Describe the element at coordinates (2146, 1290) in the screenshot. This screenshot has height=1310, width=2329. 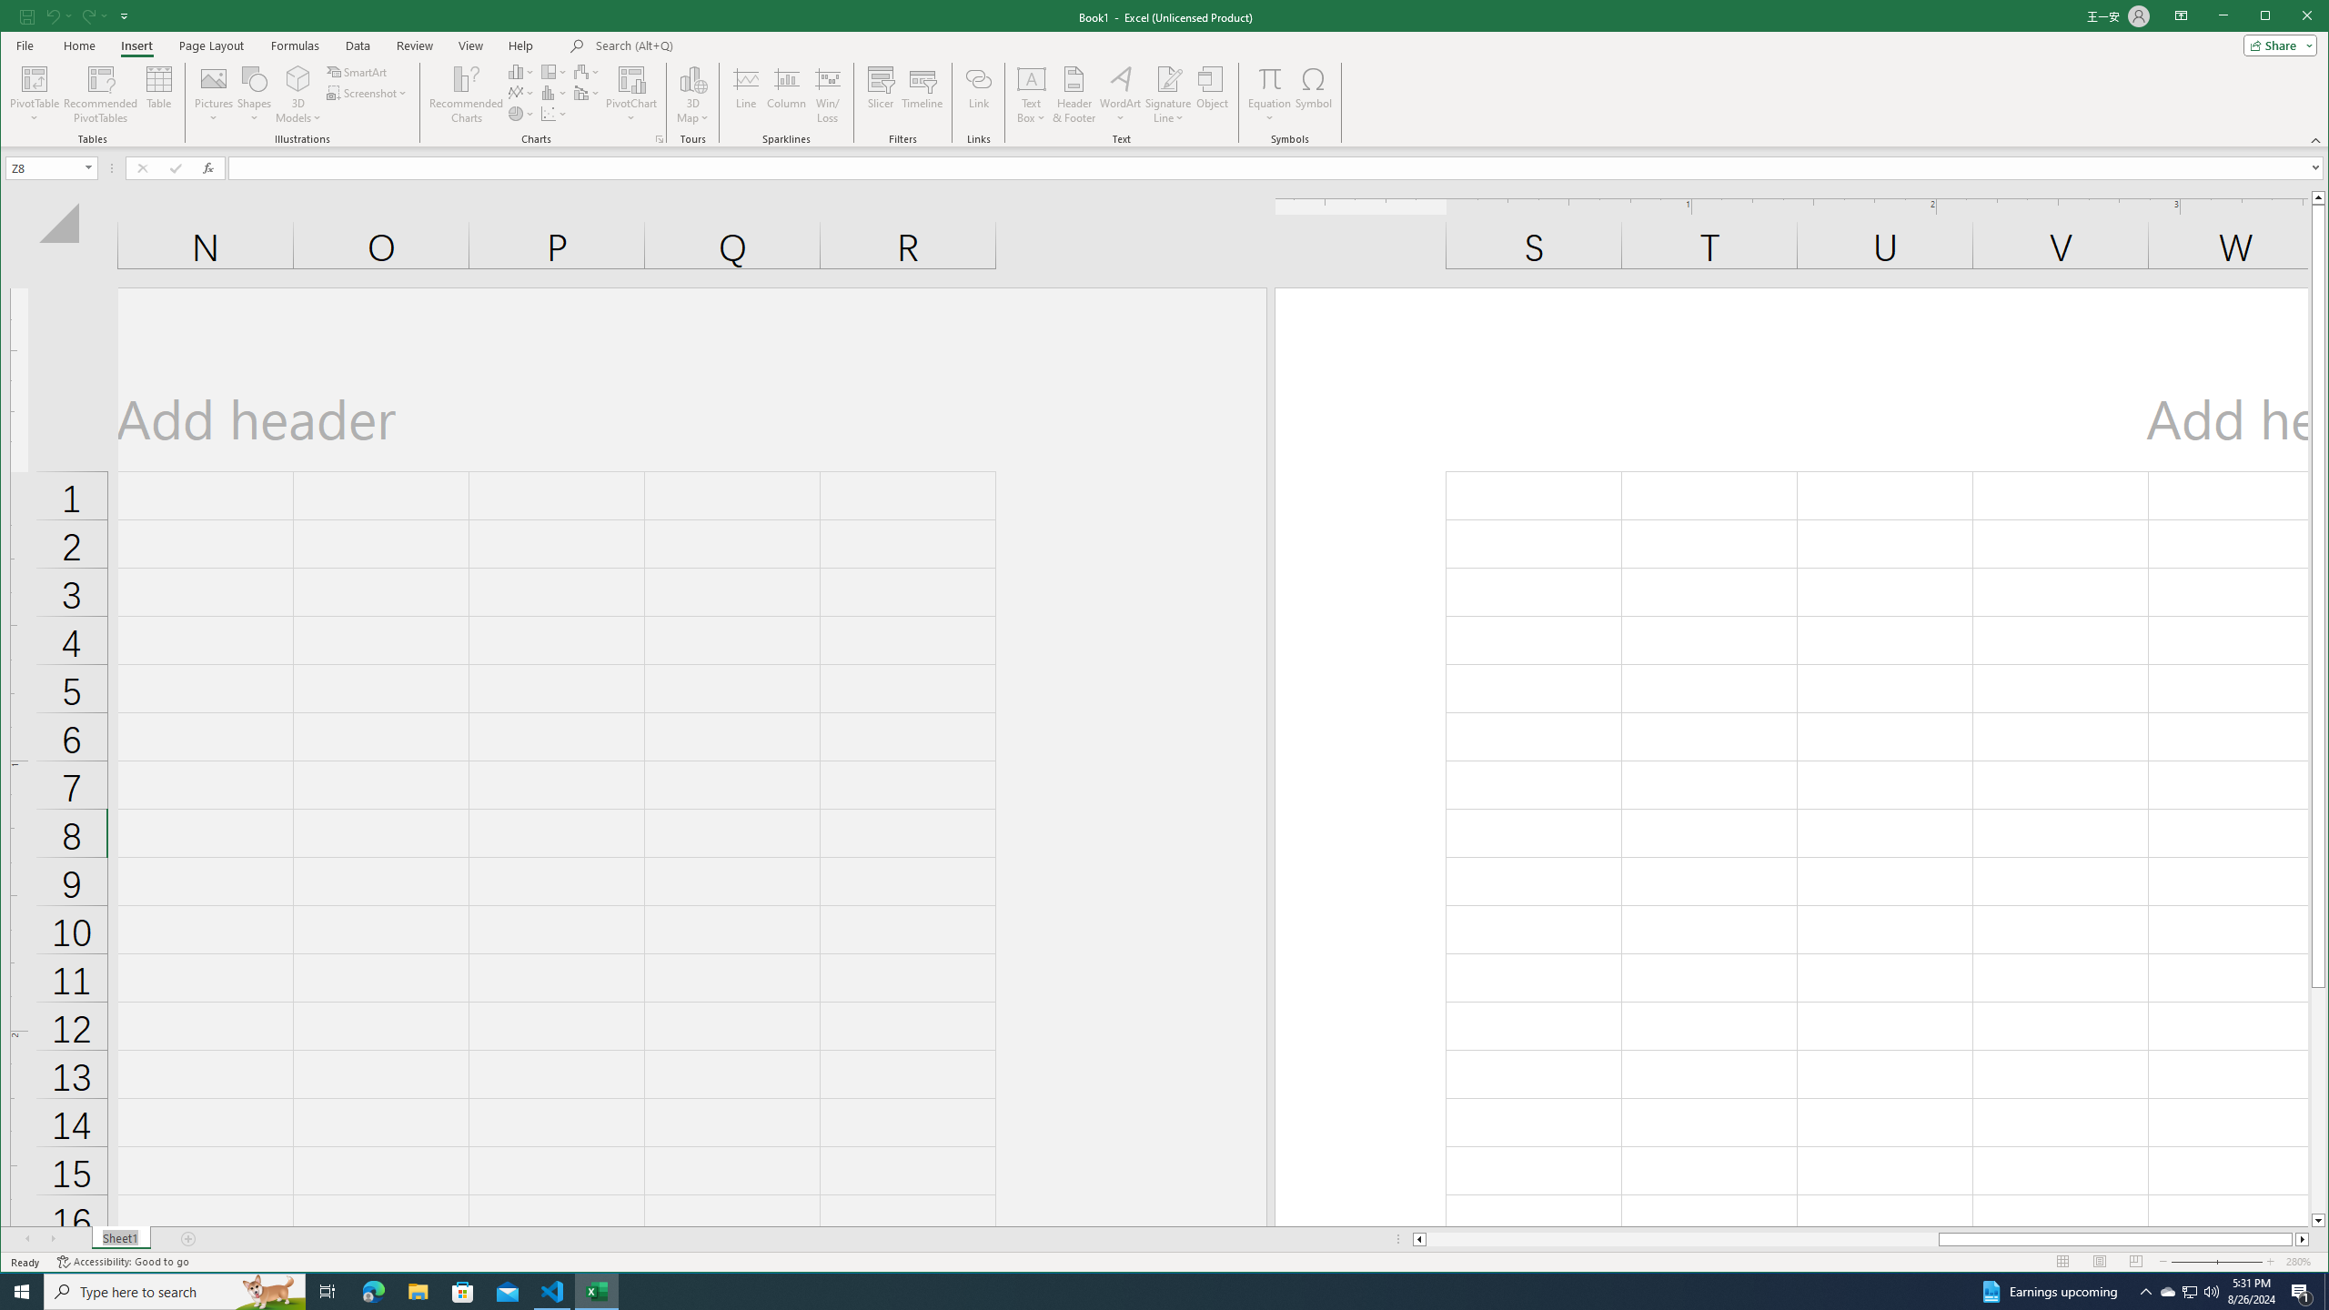
I see `'Notification Chevron'` at that location.